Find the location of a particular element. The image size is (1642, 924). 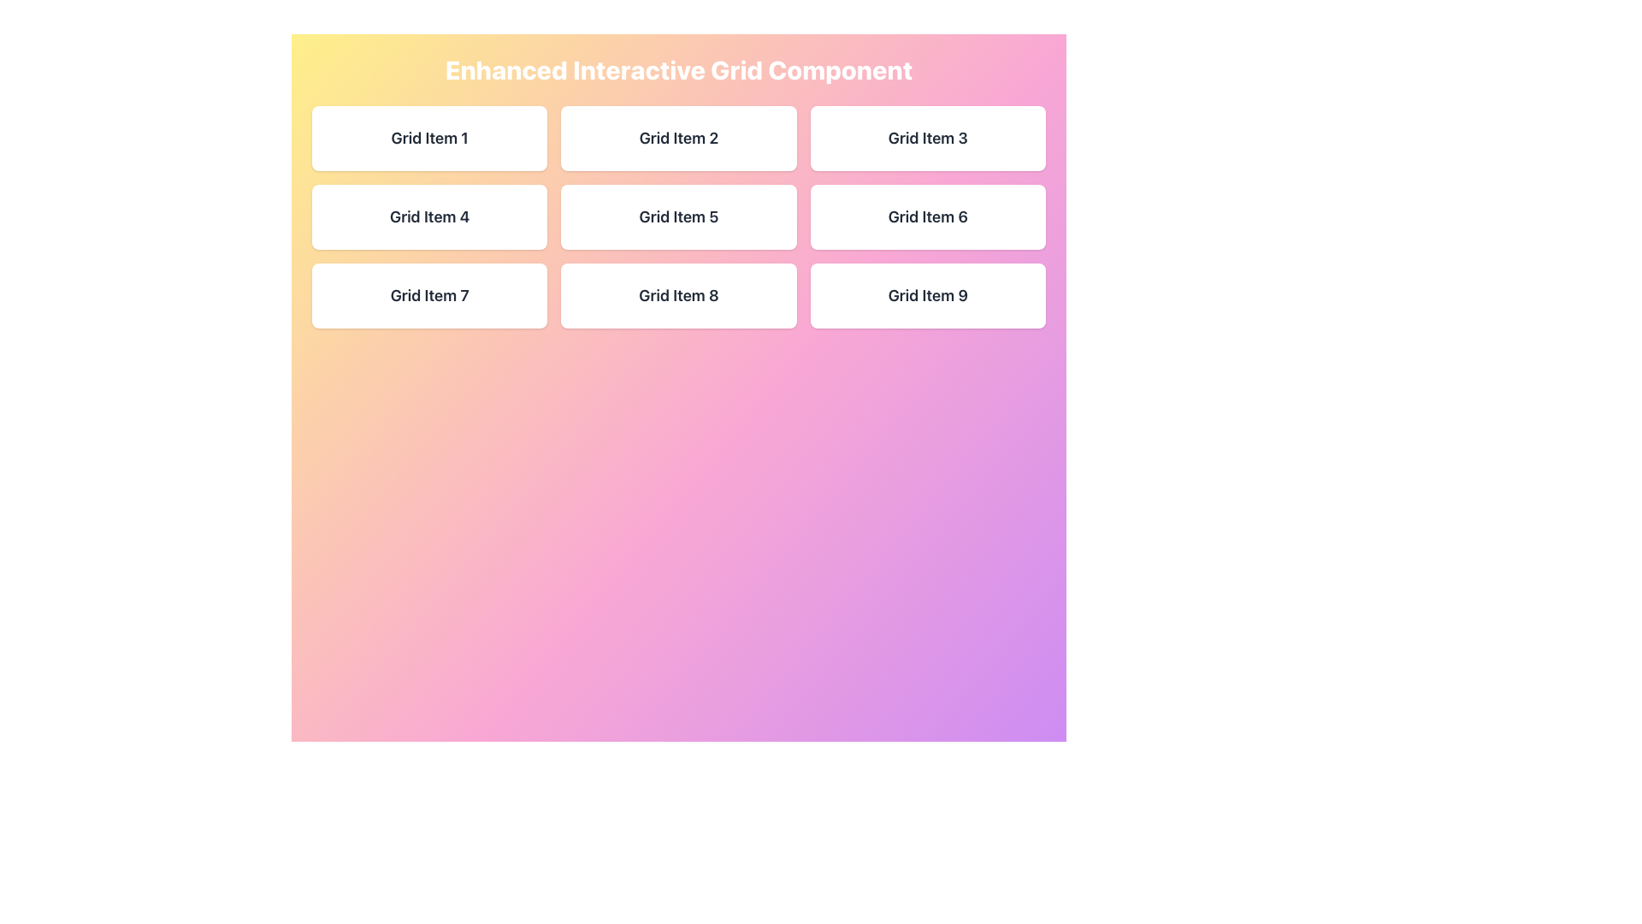

keyboard navigation is located at coordinates (927, 138).